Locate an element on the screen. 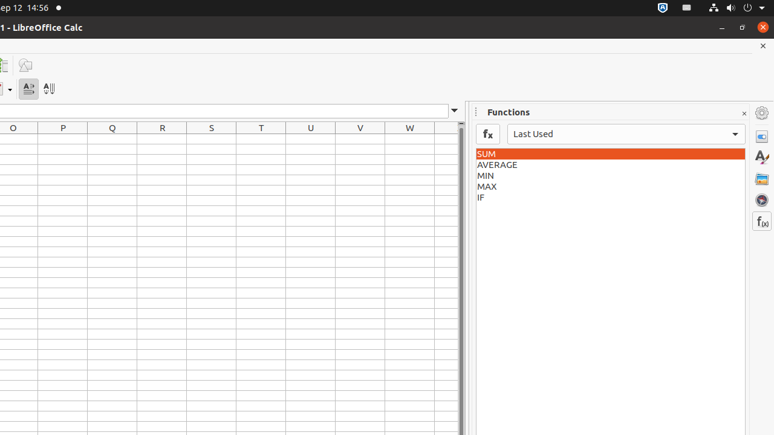 This screenshot has width=774, height=435. 'Functions' is located at coordinates (761, 221).